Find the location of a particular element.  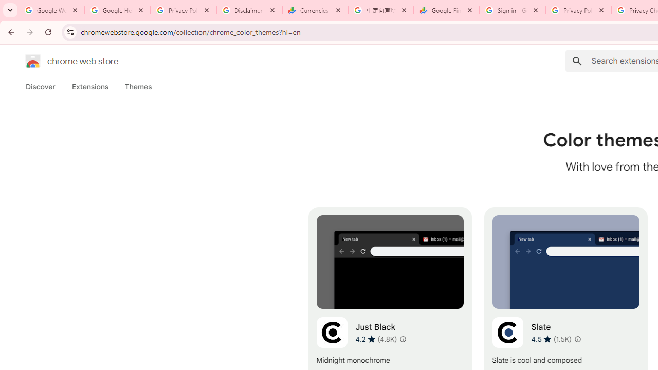

'Themes' is located at coordinates (138, 86).